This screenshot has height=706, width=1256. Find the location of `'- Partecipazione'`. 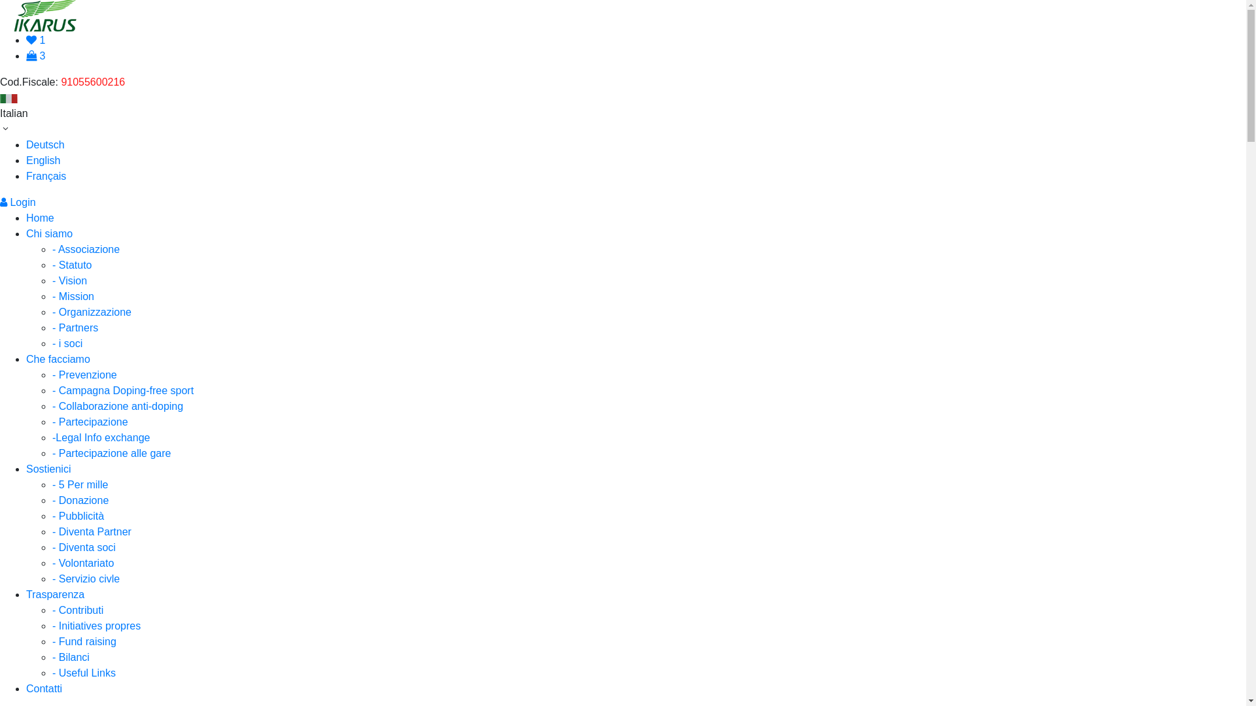

'- Partecipazione' is located at coordinates (52, 422).